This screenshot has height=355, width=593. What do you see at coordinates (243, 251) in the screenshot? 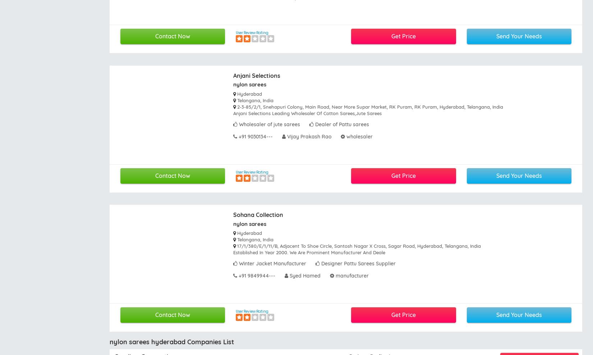
I see `'Refund / Cancellation Policy'` at bounding box center [243, 251].